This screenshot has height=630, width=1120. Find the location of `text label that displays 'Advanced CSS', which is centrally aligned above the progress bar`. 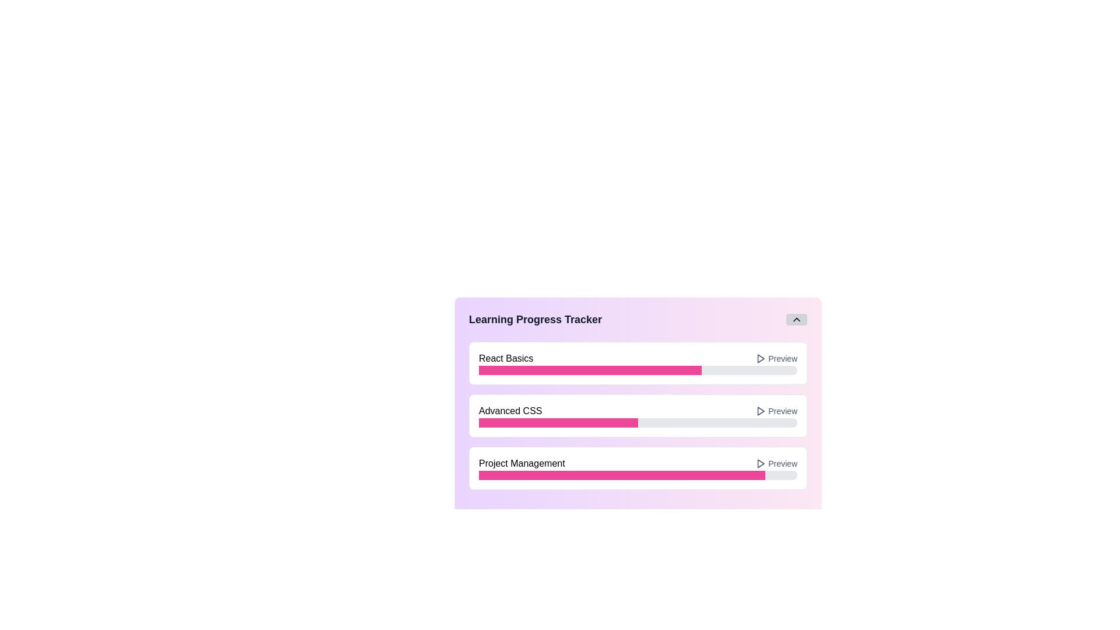

text label that displays 'Advanced CSS', which is centrally aligned above the progress bar is located at coordinates (510, 411).